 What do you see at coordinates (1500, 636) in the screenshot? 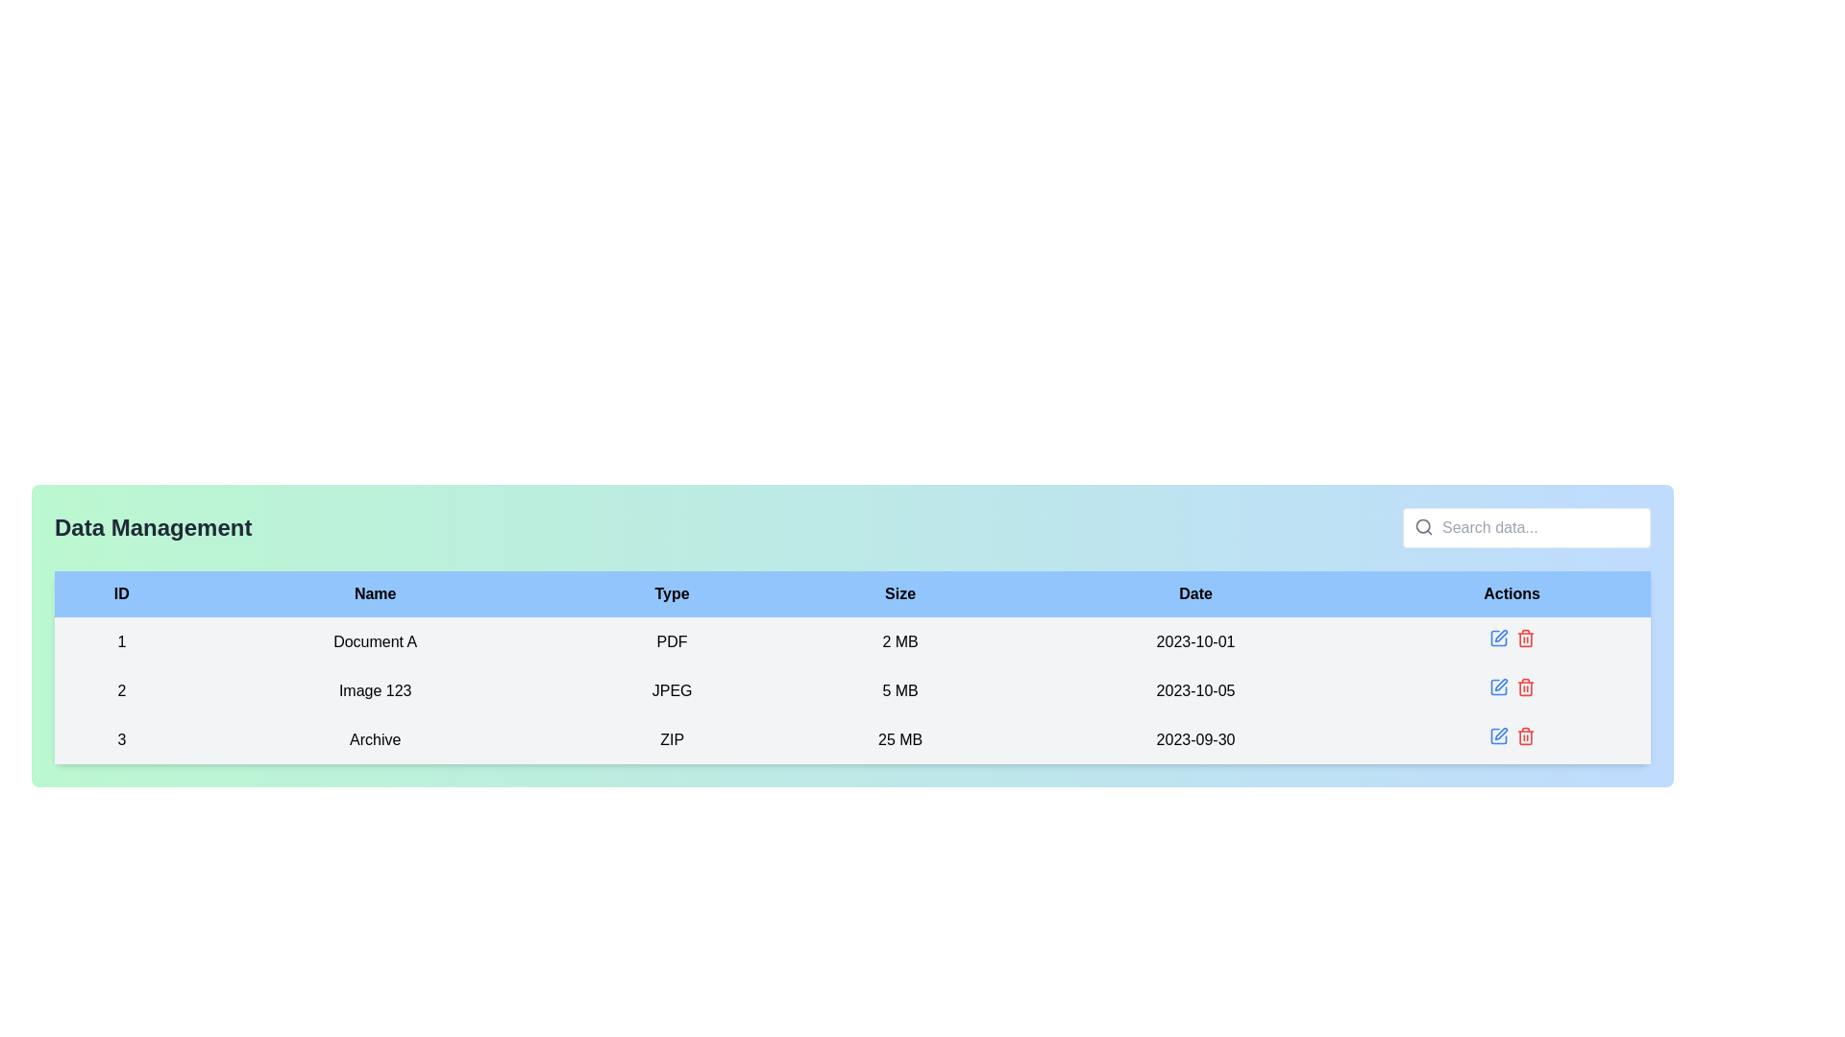
I see `the pen-like icon in the actions column of the third row of the data table` at bounding box center [1500, 636].